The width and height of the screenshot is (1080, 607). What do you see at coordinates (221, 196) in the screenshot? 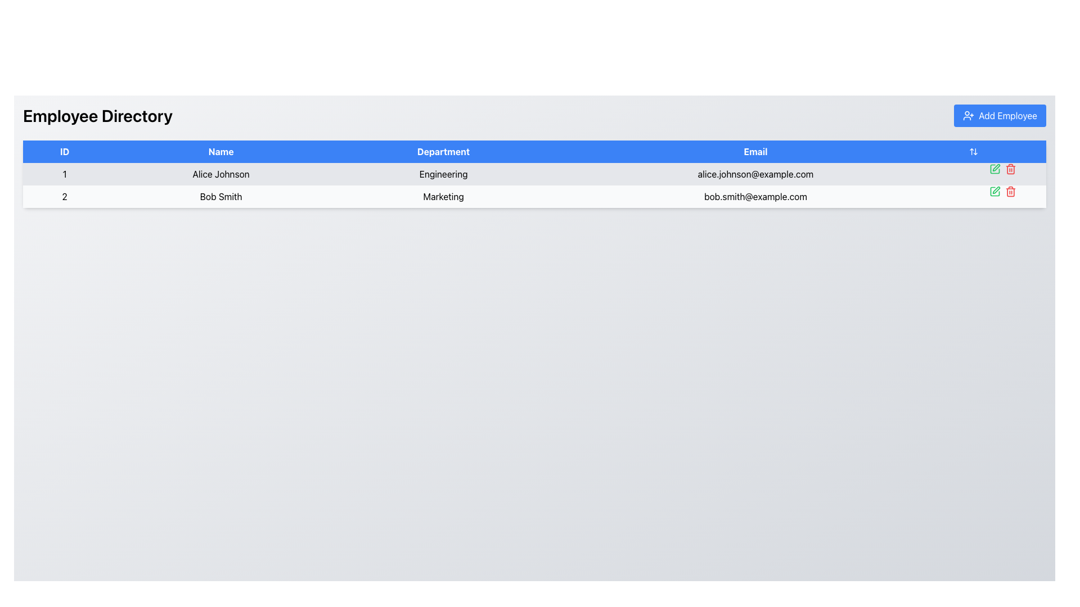
I see `the text label displaying 'Bob Smith' in the second column of the second row of the employee data table` at bounding box center [221, 196].